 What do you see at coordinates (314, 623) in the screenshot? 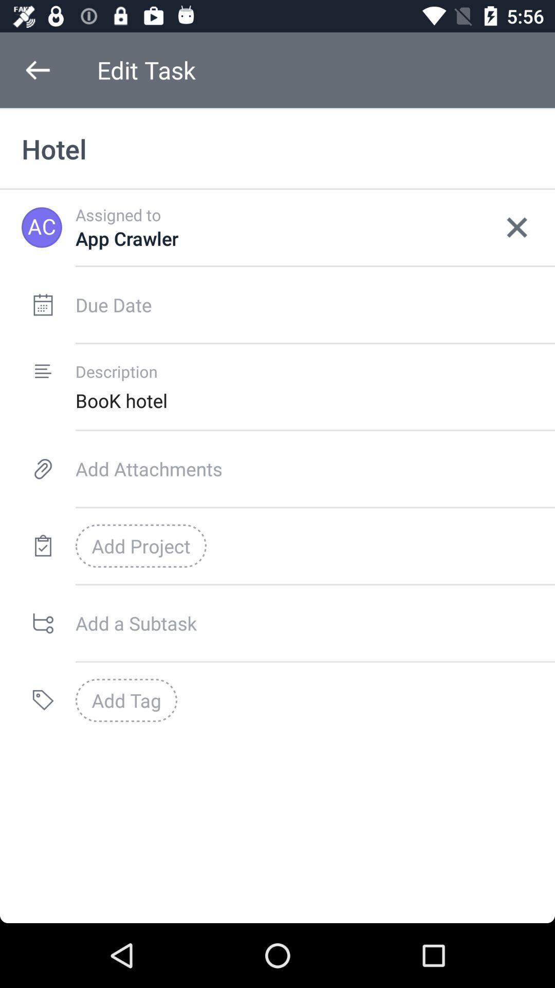
I see `a subtask` at bounding box center [314, 623].